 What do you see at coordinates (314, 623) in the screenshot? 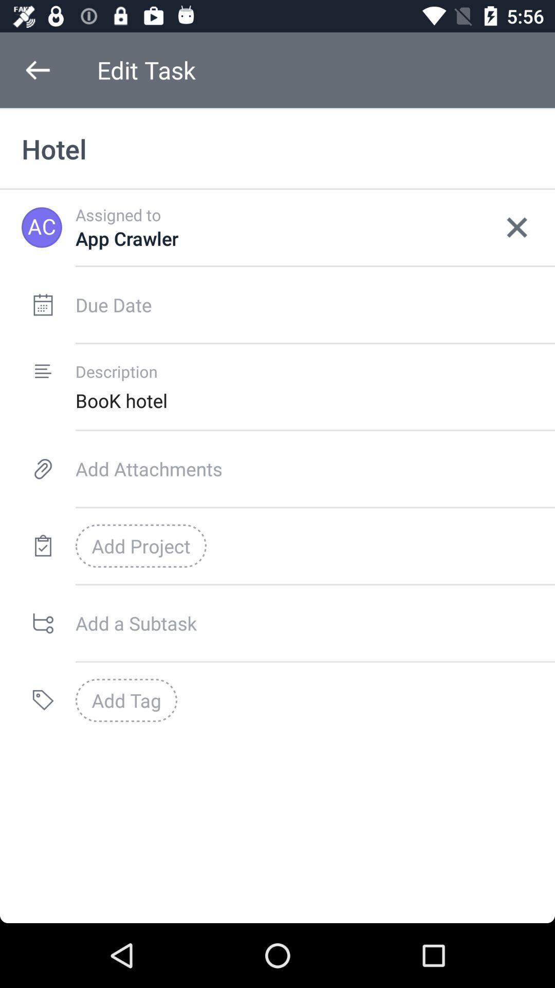
I see `a subtask` at bounding box center [314, 623].